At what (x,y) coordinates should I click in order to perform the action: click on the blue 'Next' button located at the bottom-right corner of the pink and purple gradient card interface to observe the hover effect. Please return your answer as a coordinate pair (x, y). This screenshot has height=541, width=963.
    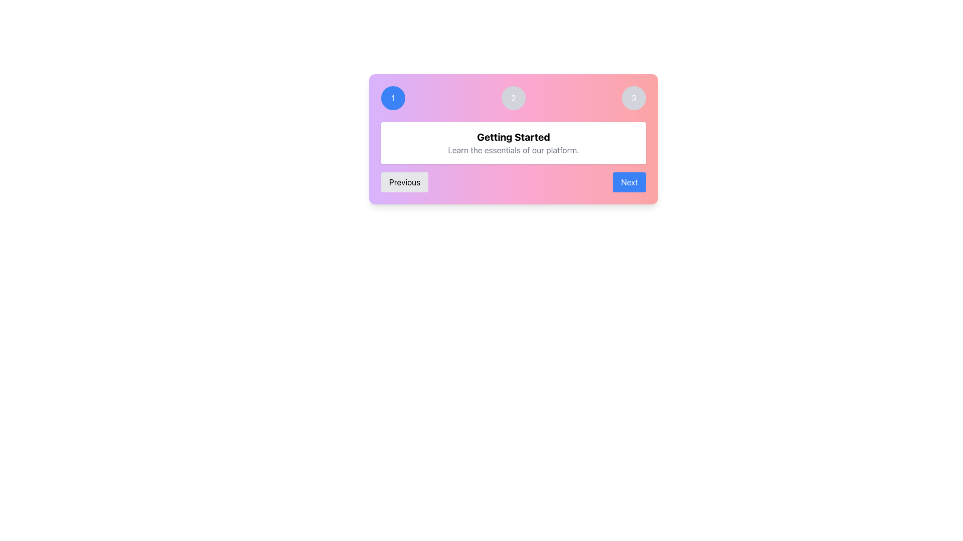
    Looking at the image, I should click on (629, 182).